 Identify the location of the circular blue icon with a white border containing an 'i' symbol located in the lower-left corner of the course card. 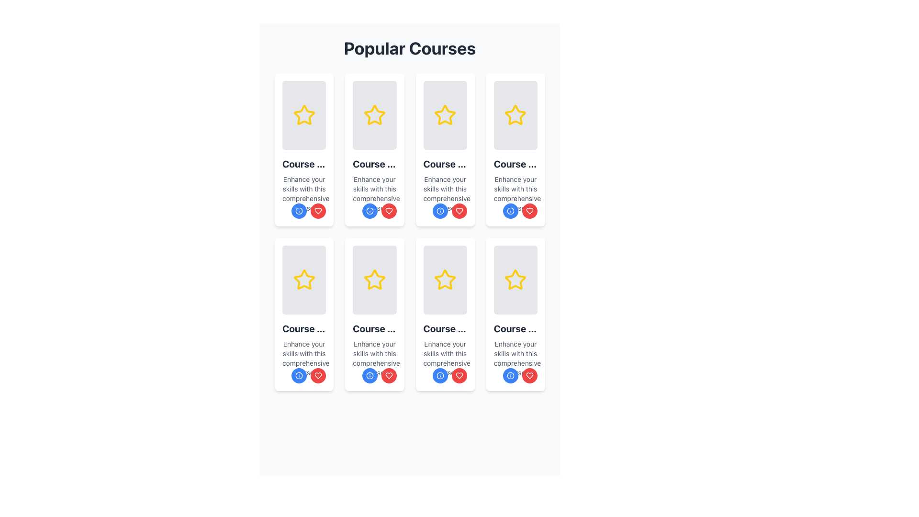
(299, 210).